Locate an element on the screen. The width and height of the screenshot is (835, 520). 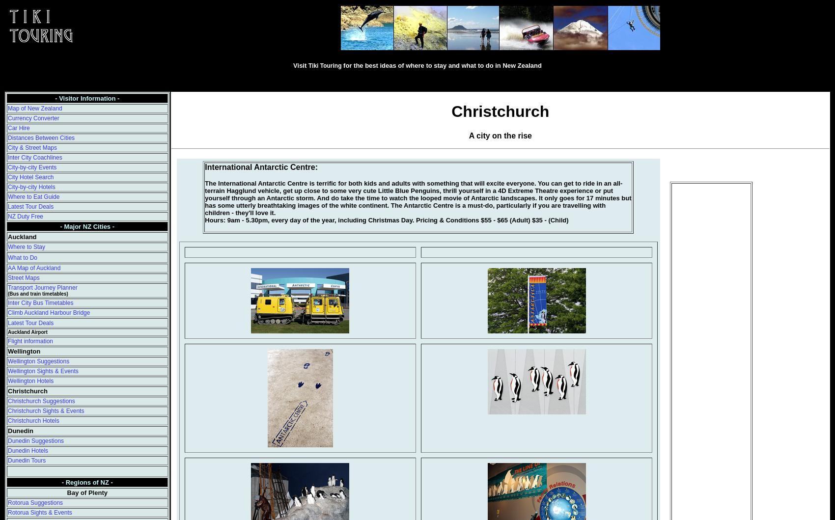
'Flight 
          information' is located at coordinates (30, 341).